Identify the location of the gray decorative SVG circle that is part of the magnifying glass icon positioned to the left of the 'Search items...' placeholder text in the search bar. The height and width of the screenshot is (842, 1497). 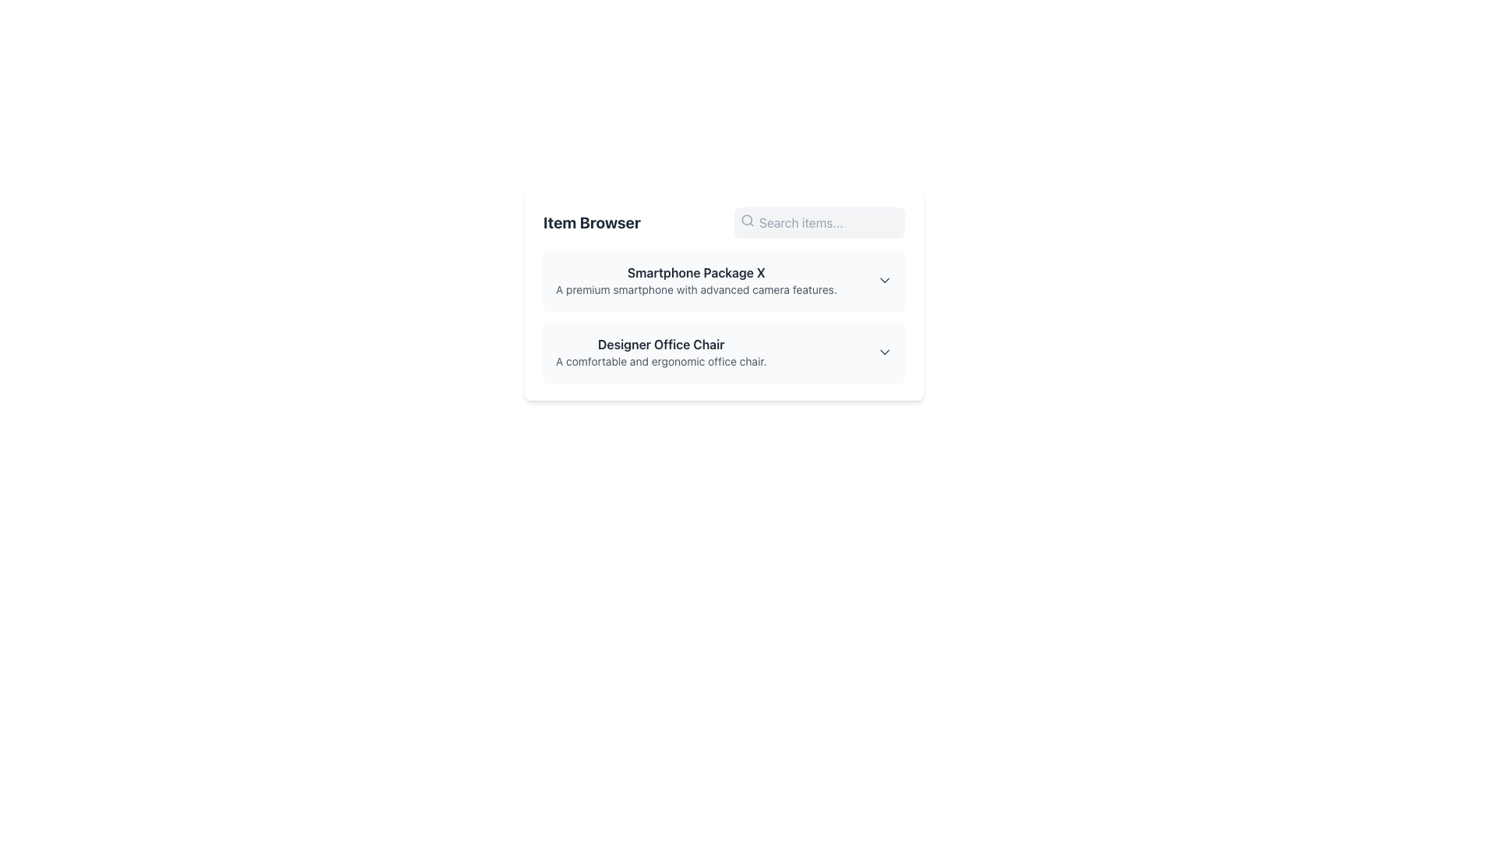
(746, 220).